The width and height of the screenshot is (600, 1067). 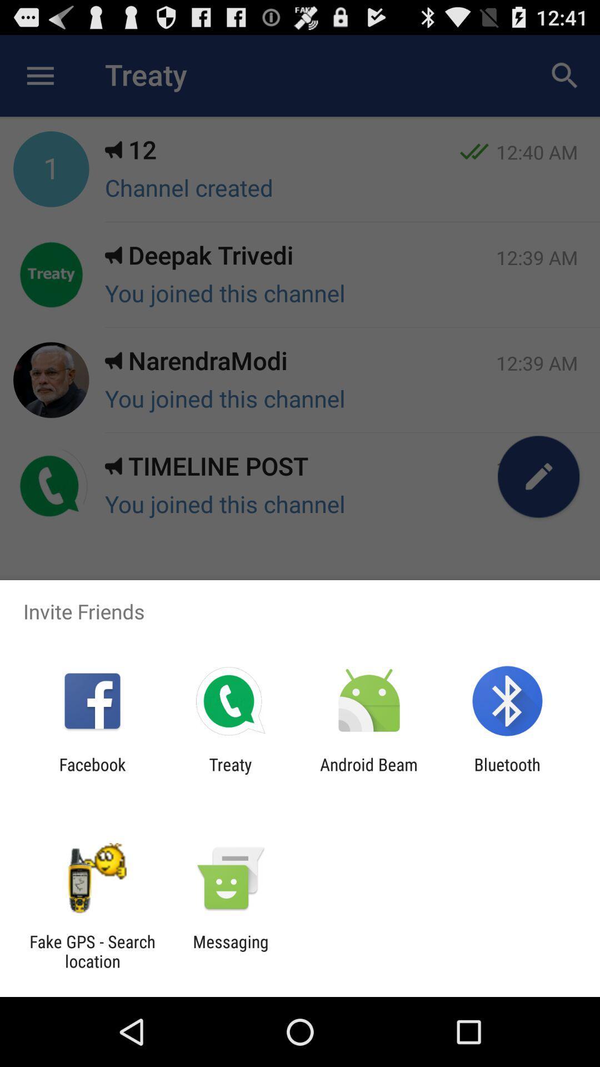 I want to click on the icon next to treaty icon, so click(x=92, y=774).